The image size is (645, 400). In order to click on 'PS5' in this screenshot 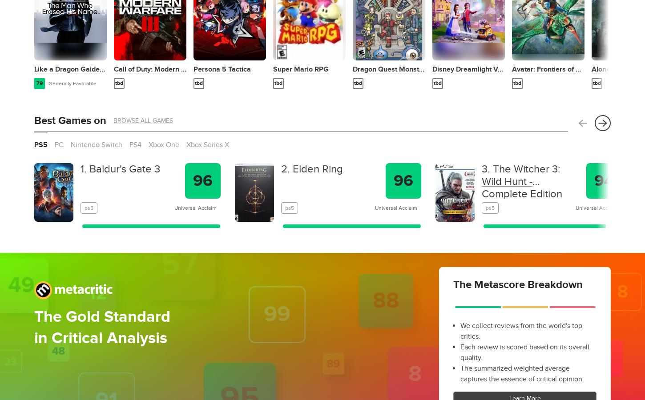, I will do `click(40, 144)`.